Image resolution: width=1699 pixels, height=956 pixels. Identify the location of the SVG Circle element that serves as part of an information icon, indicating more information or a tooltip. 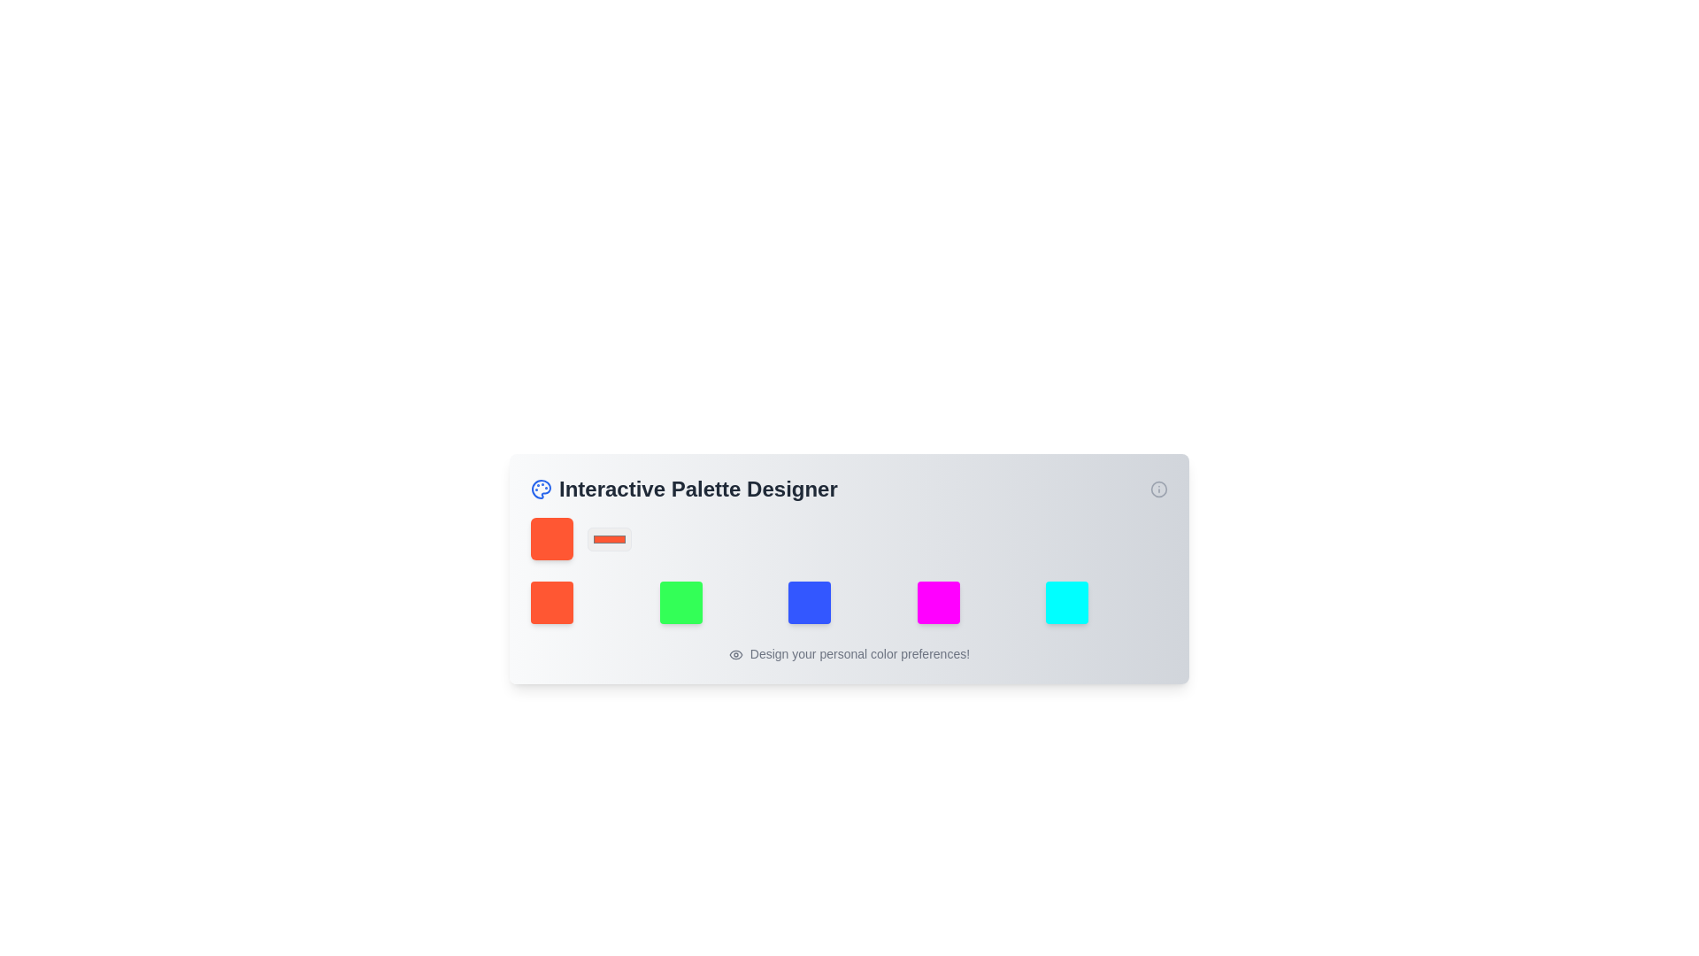
(1159, 489).